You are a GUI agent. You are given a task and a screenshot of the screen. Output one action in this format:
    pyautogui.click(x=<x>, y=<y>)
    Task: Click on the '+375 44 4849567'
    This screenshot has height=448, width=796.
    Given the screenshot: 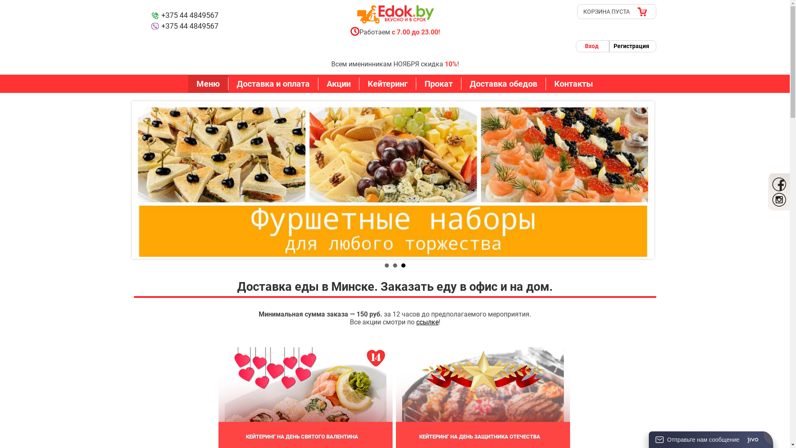 What is the action you would take?
    pyautogui.click(x=184, y=16)
    